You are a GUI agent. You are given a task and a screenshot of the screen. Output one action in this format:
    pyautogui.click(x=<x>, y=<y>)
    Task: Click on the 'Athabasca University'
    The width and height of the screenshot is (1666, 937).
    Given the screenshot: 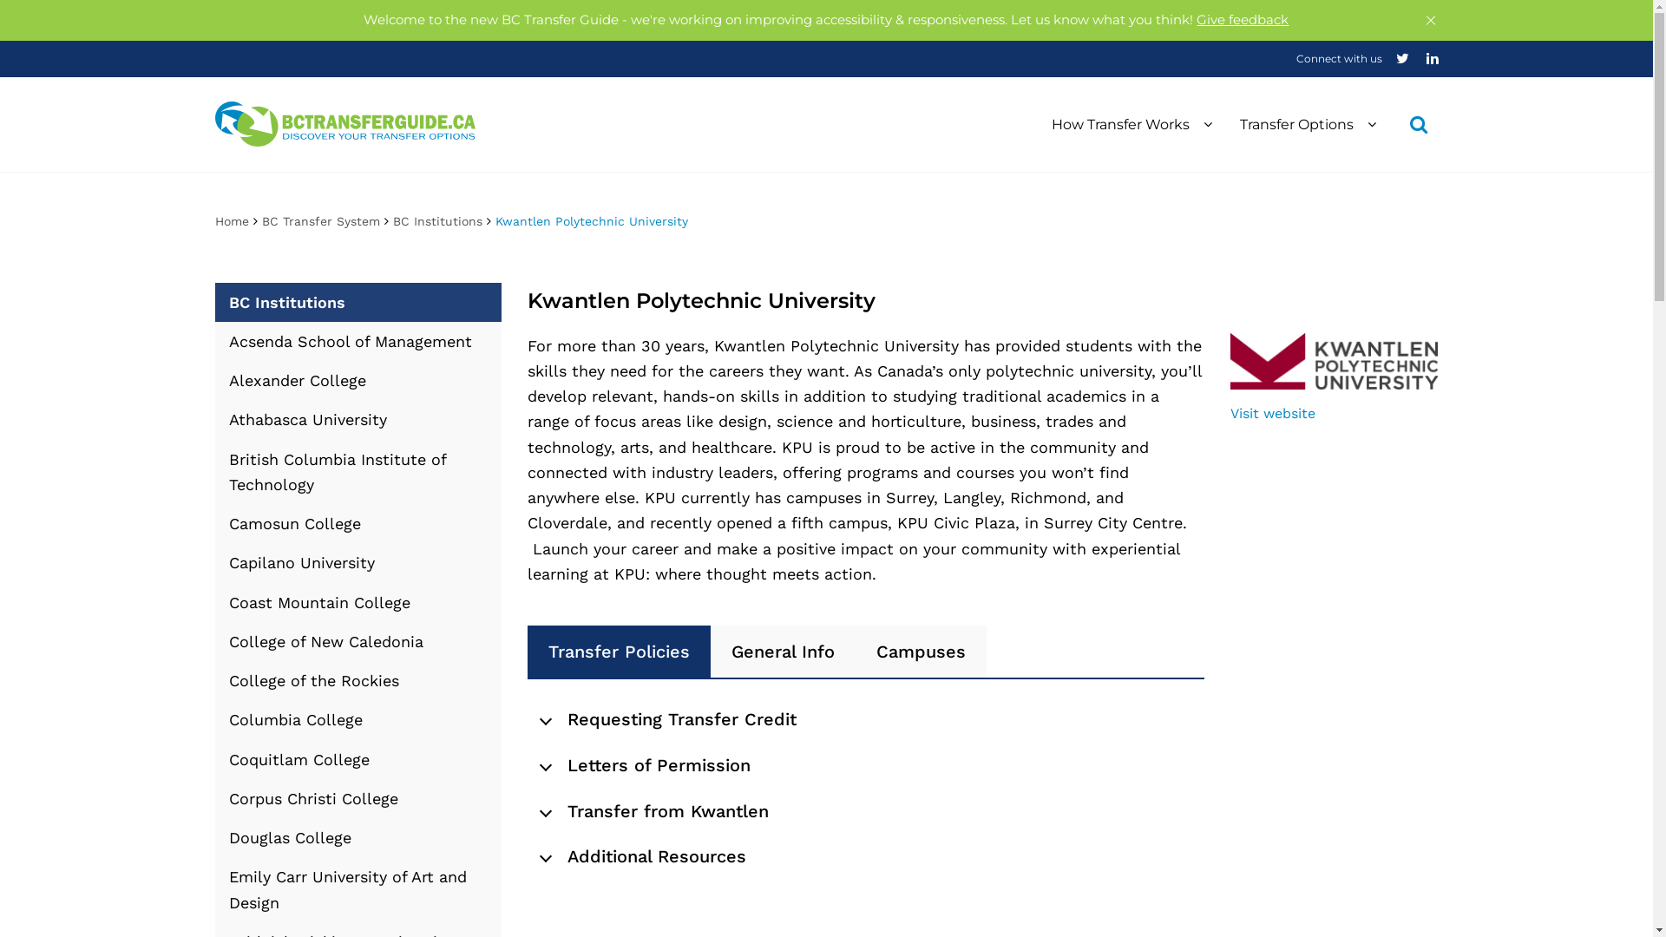 What is the action you would take?
    pyautogui.click(x=357, y=419)
    